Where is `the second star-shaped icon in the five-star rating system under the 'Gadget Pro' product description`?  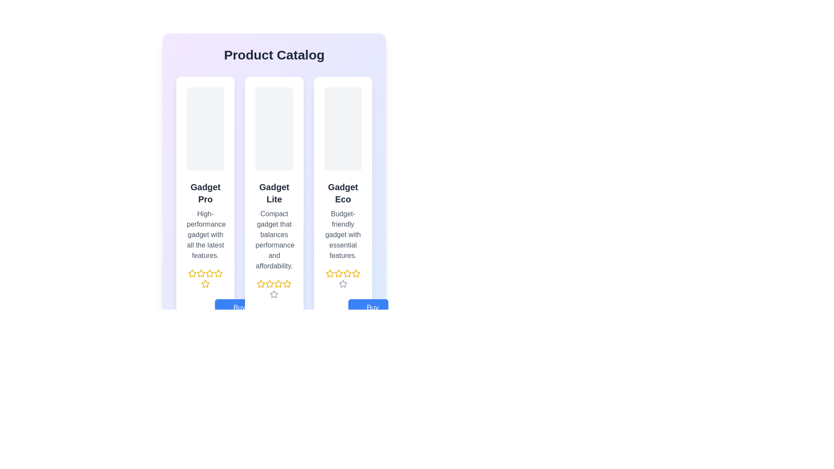 the second star-shaped icon in the five-star rating system under the 'Gadget Pro' product description is located at coordinates (218, 273).